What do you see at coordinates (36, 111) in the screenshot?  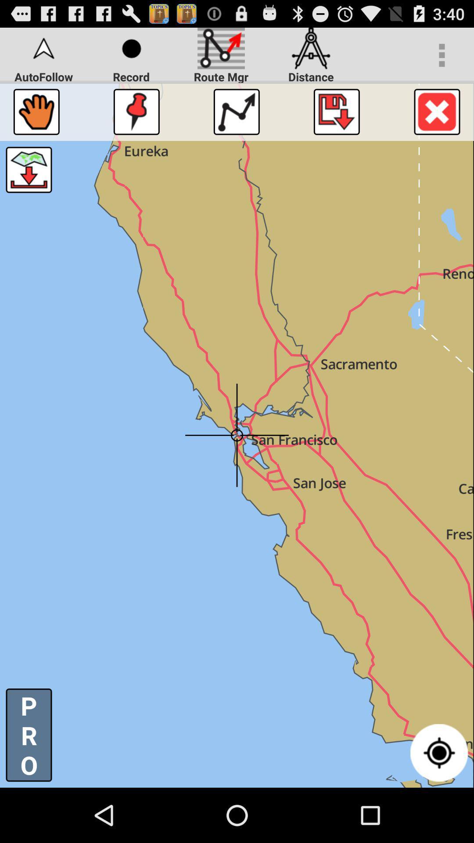 I see `the app below autofollow` at bounding box center [36, 111].